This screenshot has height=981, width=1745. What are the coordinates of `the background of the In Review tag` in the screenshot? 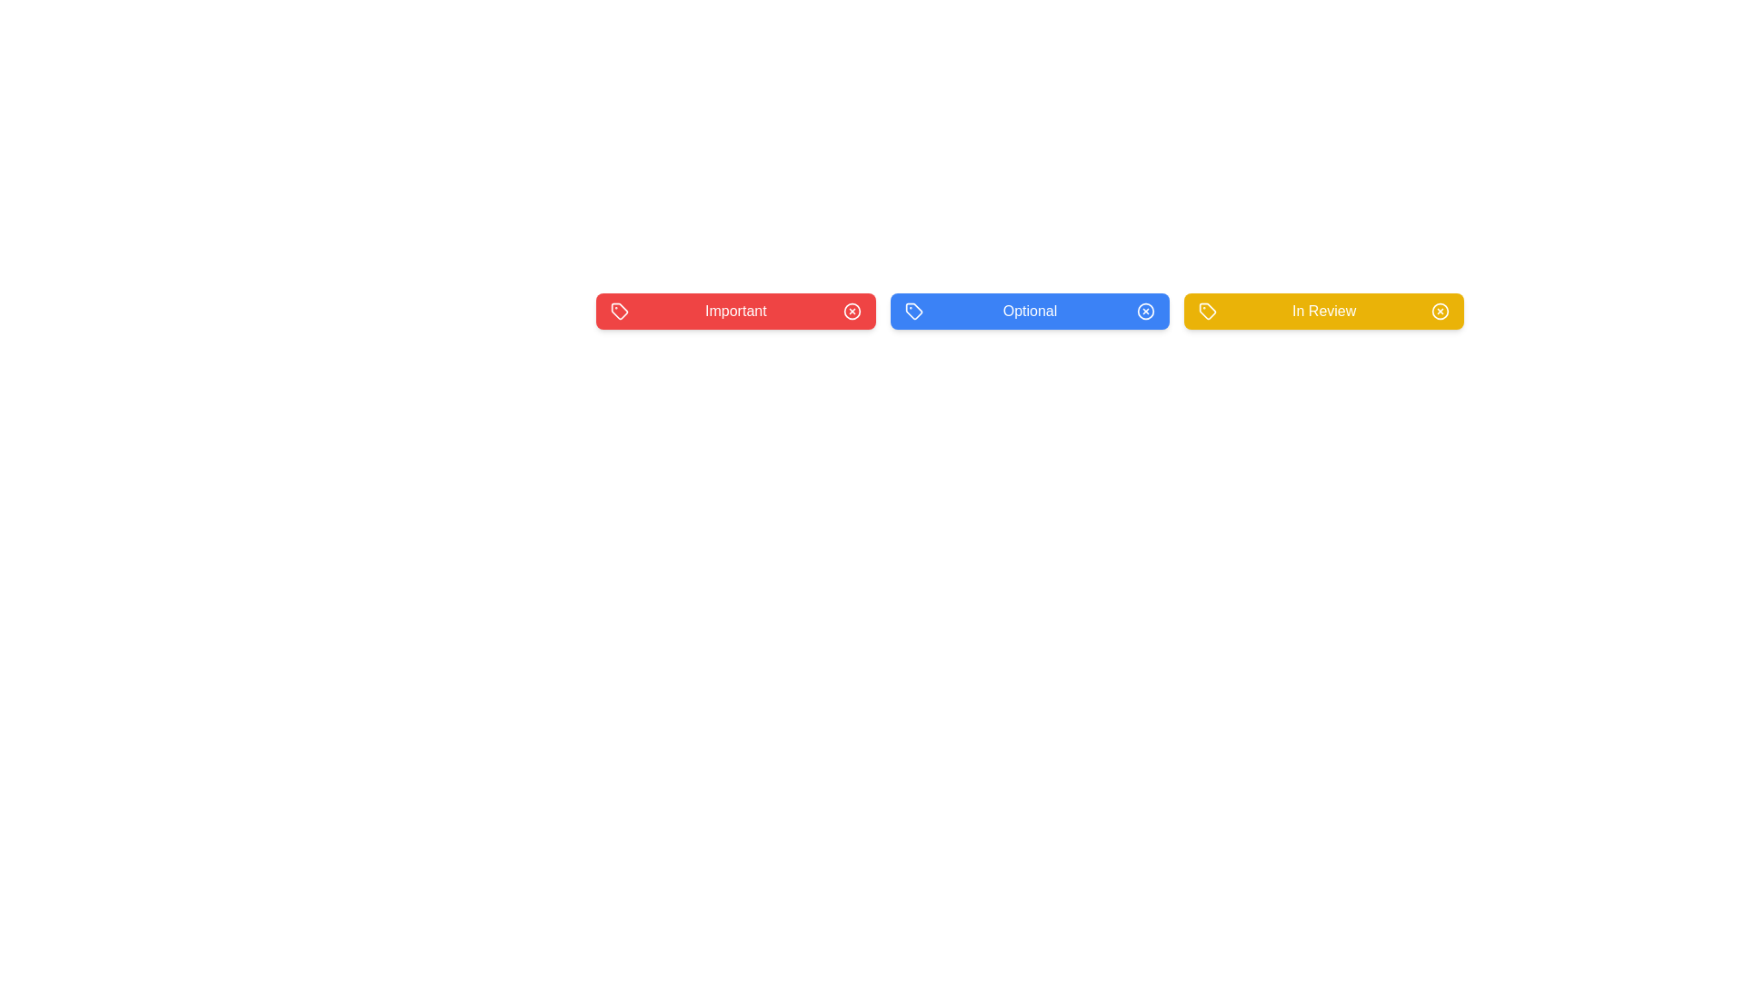 It's located at (1324, 311).